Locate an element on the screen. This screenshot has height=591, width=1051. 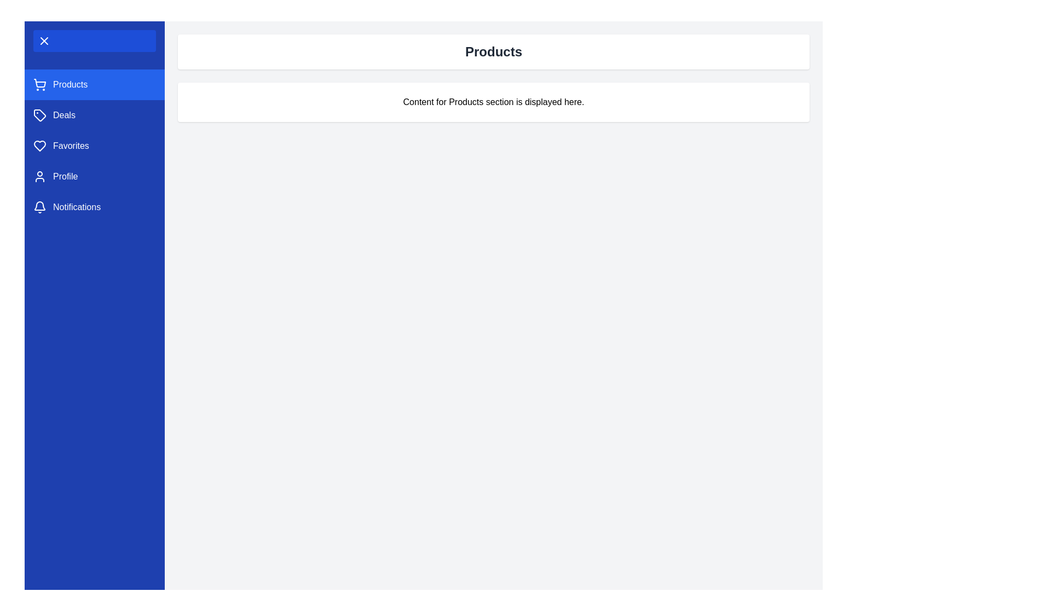
the 'Deals' icon located in the left navigation menu, positioned below 'Products' and above 'Favorites' is located at coordinates (39, 115).